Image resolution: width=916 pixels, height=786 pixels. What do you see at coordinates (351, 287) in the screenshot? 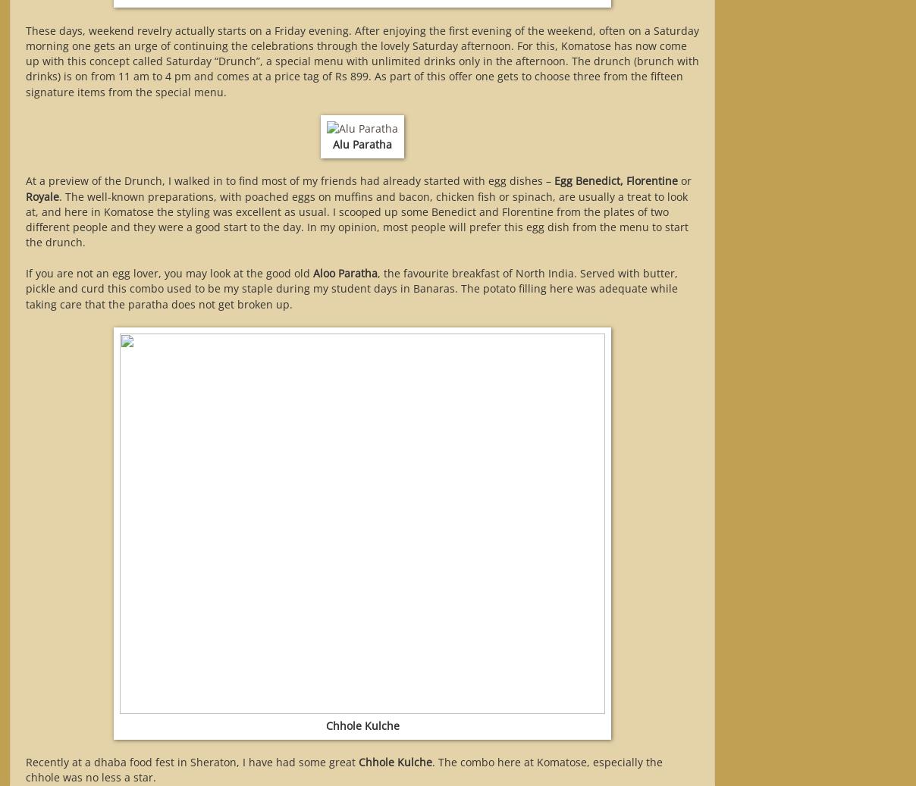
I see `', the favourite breakfast of North India. Served with butter, pickle and curd this combo used to be my staple during my student days in Banaras. The potato filling here was adequate while taking care that the paratha does not get broken up.'` at bounding box center [351, 287].